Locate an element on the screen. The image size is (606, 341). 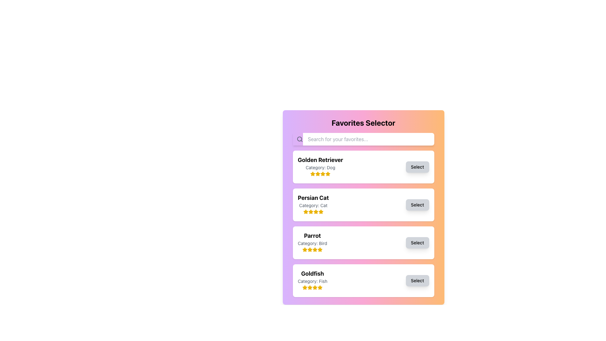
the static text label displaying 'Category: Fish', which is located beneath the 'Goldfish' label and aligned to the left of the 'Select' button is located at coordinates (312, 281).